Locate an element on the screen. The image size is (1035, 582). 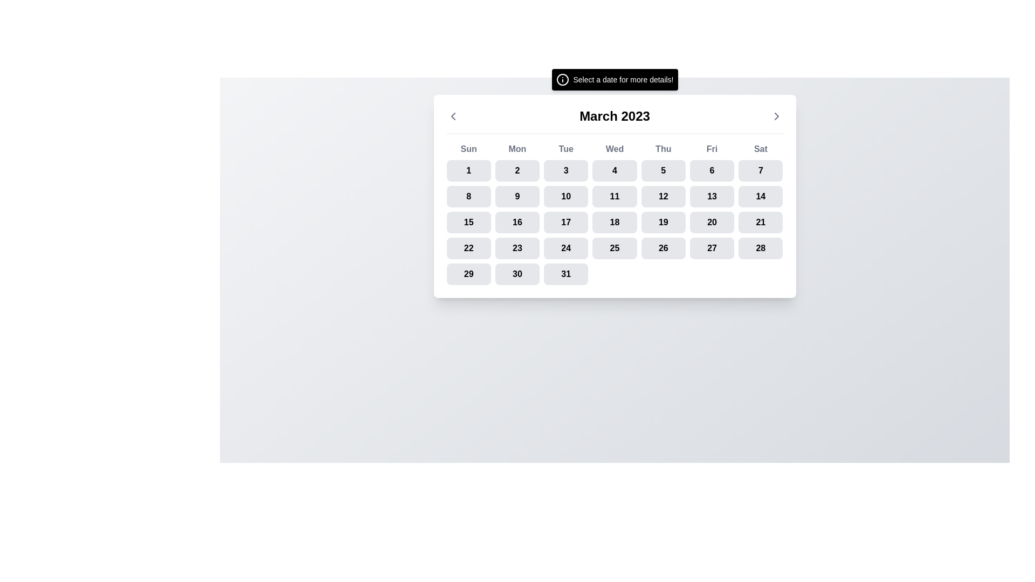
the specific date cell in the grid-based calendar layout is located at coordinates (615, 214).